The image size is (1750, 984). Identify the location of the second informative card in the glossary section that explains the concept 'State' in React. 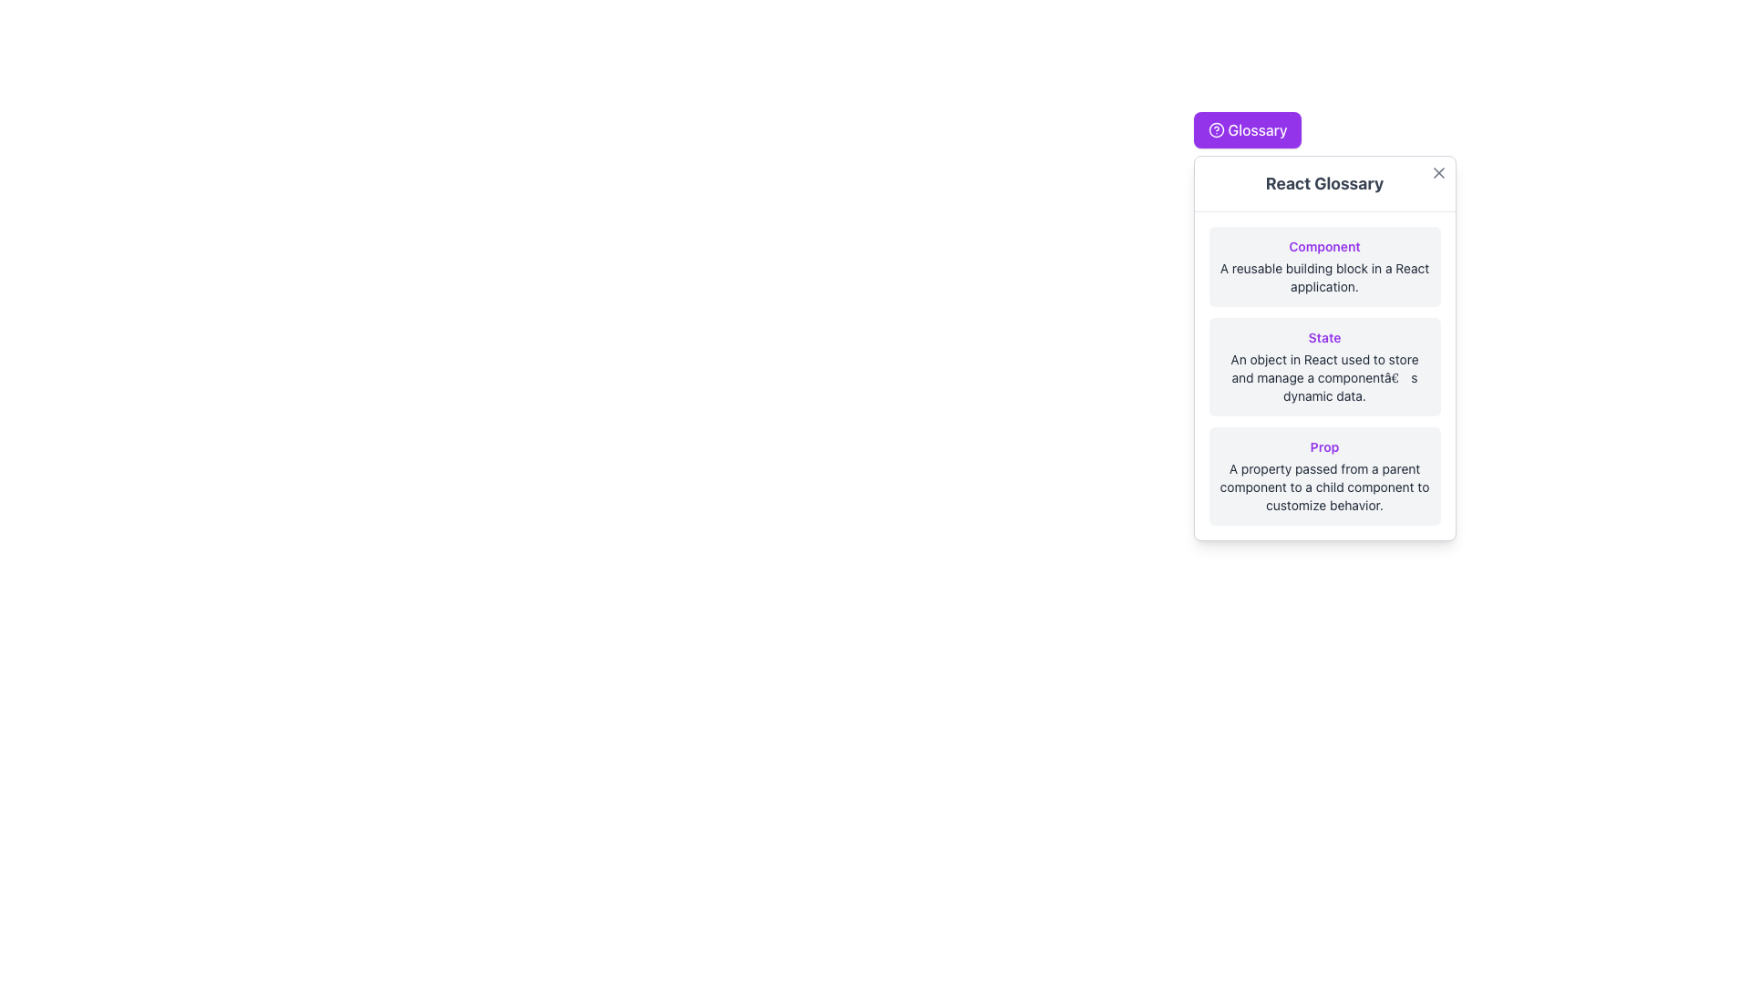
(1324, 366).